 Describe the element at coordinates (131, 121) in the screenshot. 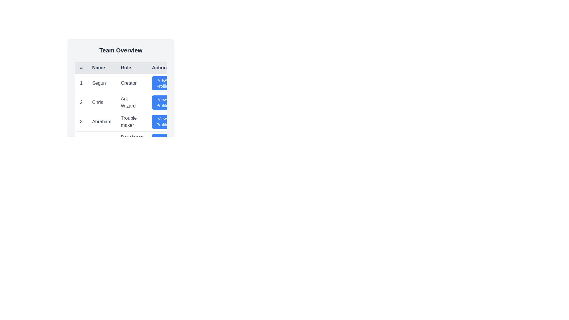

I see `the text label displaying 'Trouble maker' located in the third row under the 'Role' column of the table, situated between the 'Name' cell containing 'Abraham' and the 'Action' cell featuring a 'View Profile' button` at that location.